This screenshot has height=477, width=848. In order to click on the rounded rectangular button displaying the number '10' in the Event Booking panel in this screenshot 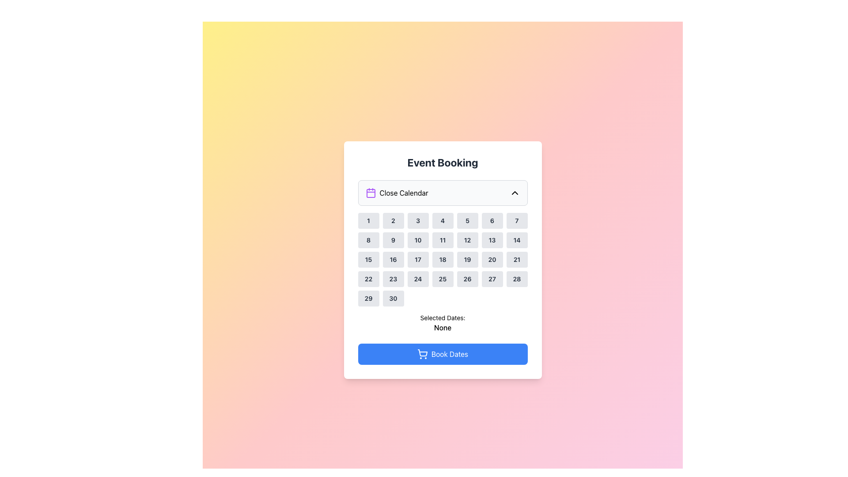, I will do `click(417, 240)`.